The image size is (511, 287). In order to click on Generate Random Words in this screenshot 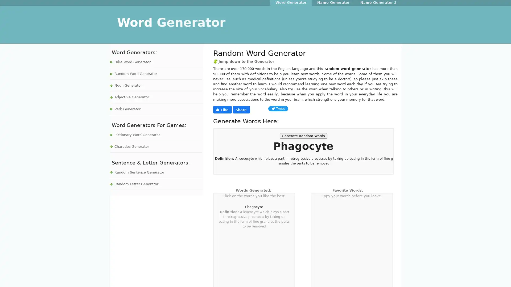, I will do `click(303, 136)`.